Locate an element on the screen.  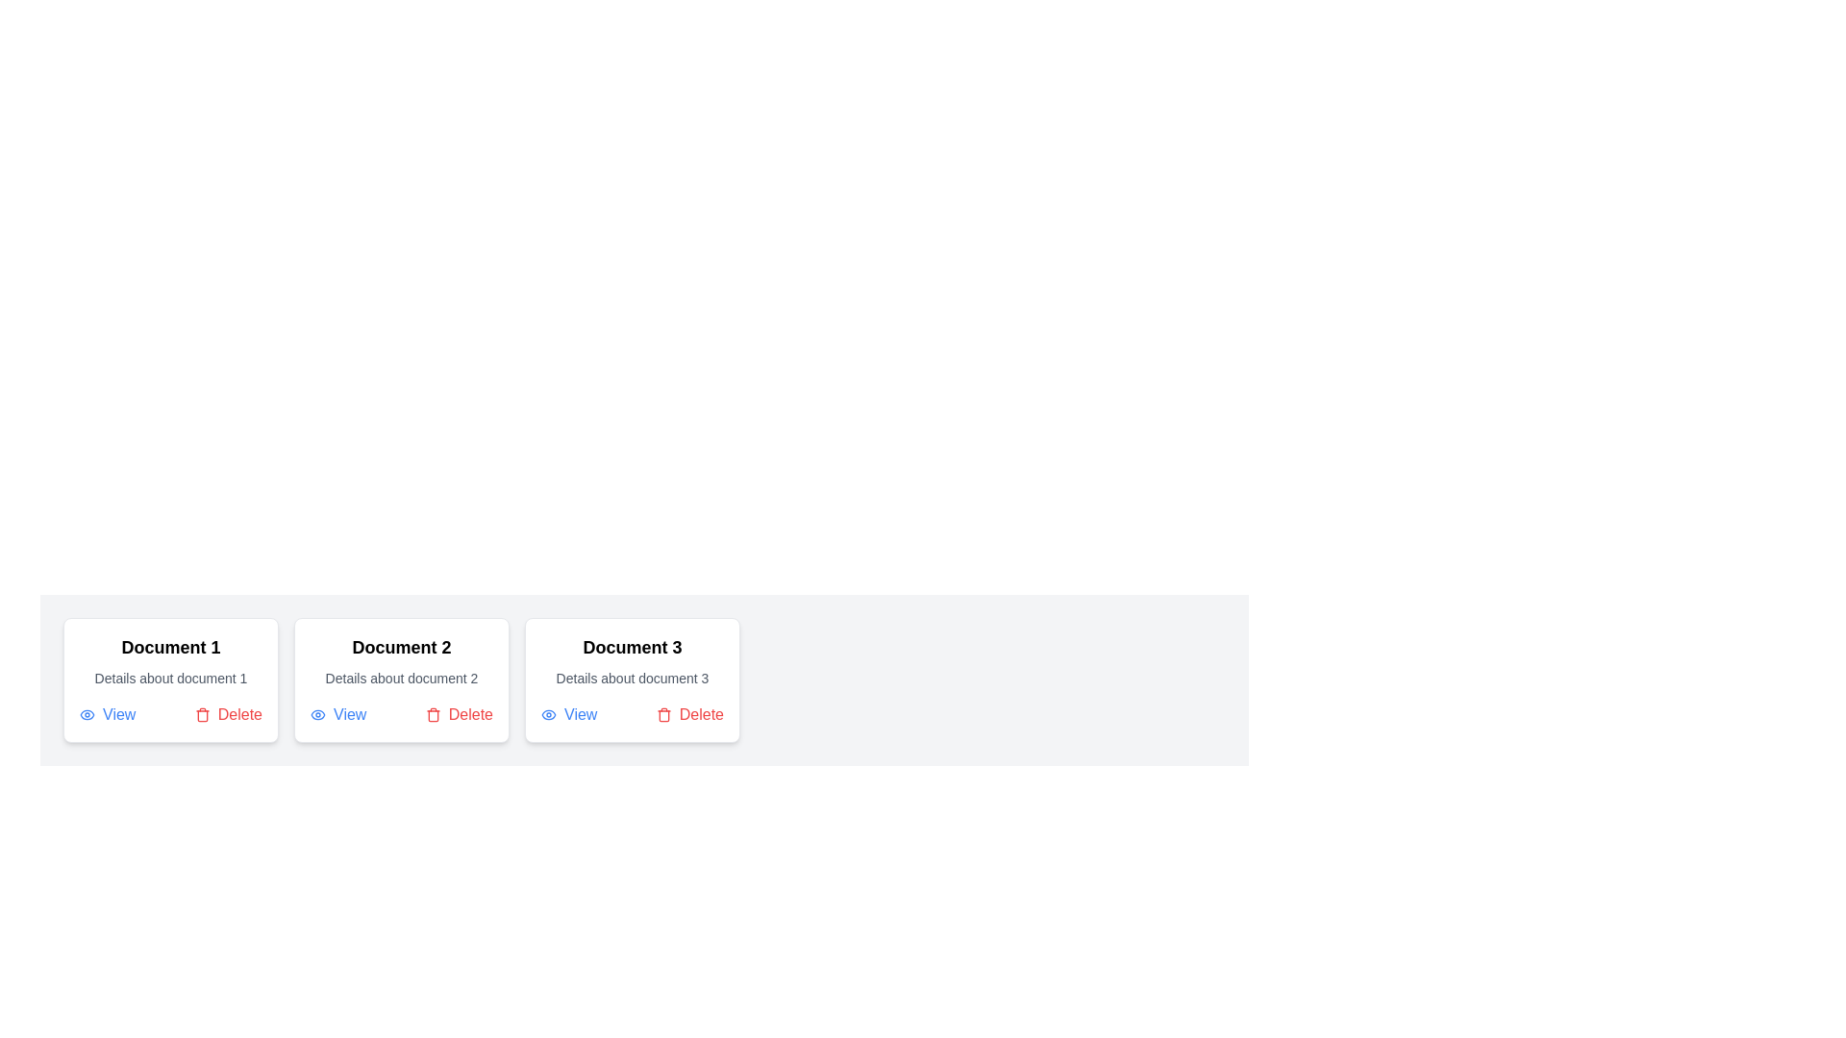
the eye-shaped icon with a thin outline located to the left of the text 'View' in the 'View' button of the third card for 'Document 3' is located at coordinates (548, 715).